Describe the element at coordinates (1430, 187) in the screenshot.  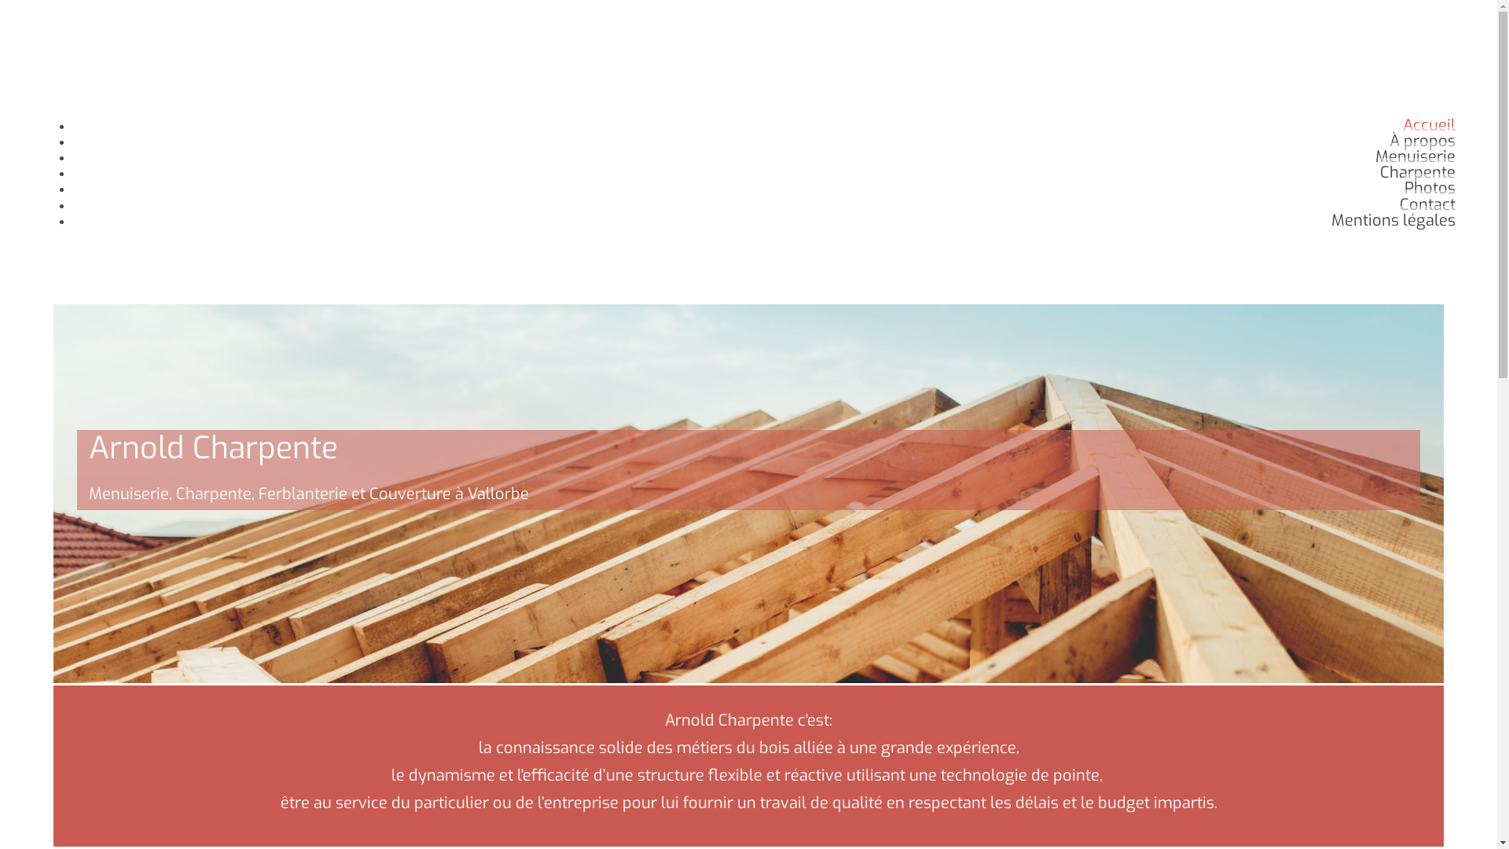
I see `'Photos'` at that location.